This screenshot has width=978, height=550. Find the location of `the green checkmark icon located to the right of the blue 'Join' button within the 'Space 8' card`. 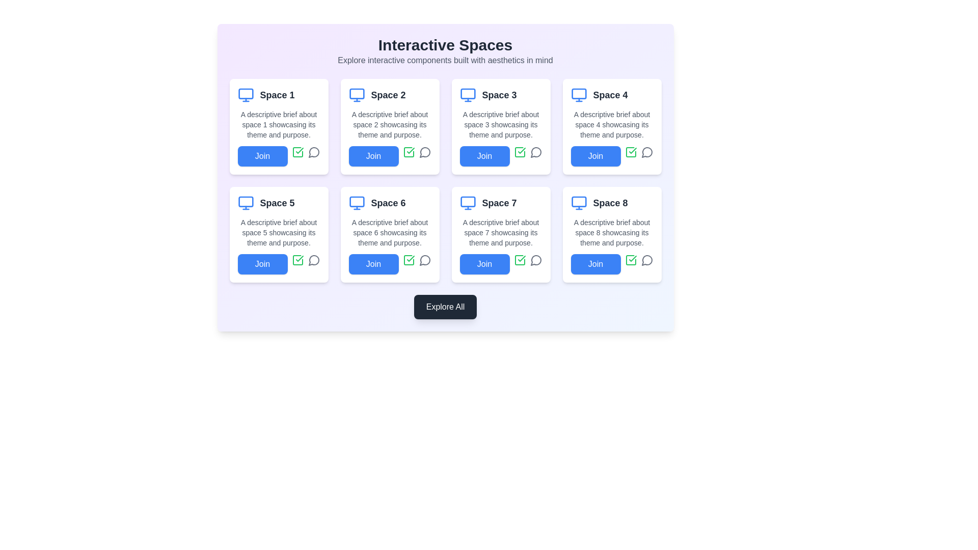

the green checkmark icon located to the right of the blue 'Join' button within the 'Space 8' card is located at coordinates (630, 259).